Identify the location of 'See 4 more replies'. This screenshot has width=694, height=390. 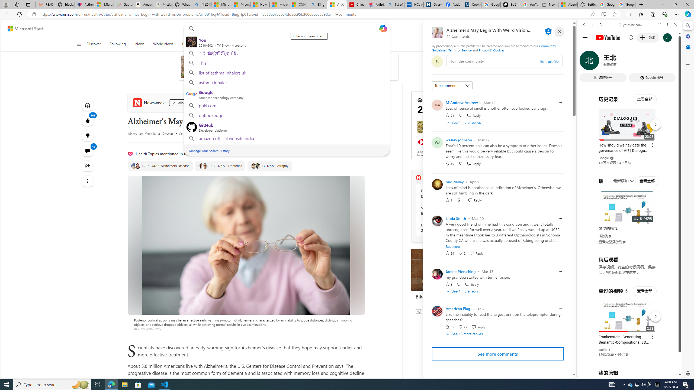
(464, 122).